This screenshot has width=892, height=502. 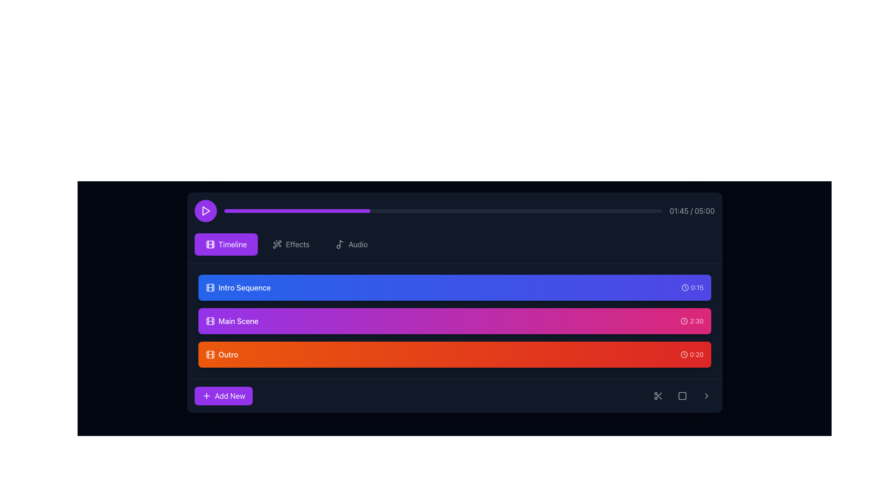 I want to click on the current time and total duration displayed on the progress indicator, which is a horizontal progress bar with a vibrant purple fill and a play icon on the left side, located at the center top of the interface, so click(x=454, y=211).